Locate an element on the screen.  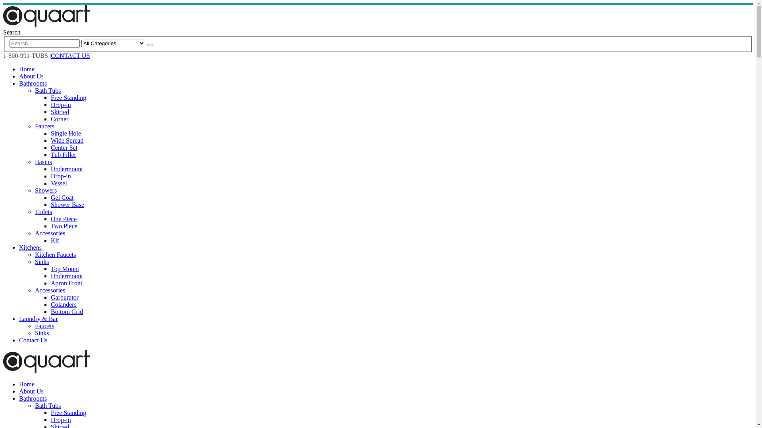
'AquaArt - ' is located at coordinates (46, 25).